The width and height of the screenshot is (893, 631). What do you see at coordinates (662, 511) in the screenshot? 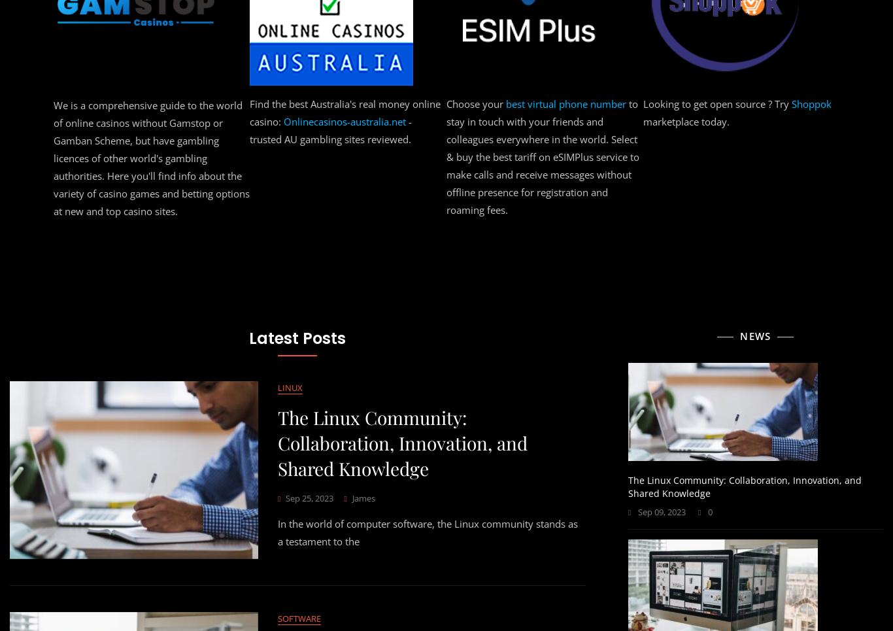
I see `'Sep 09, 2023'` at bounding box center [662, 511].